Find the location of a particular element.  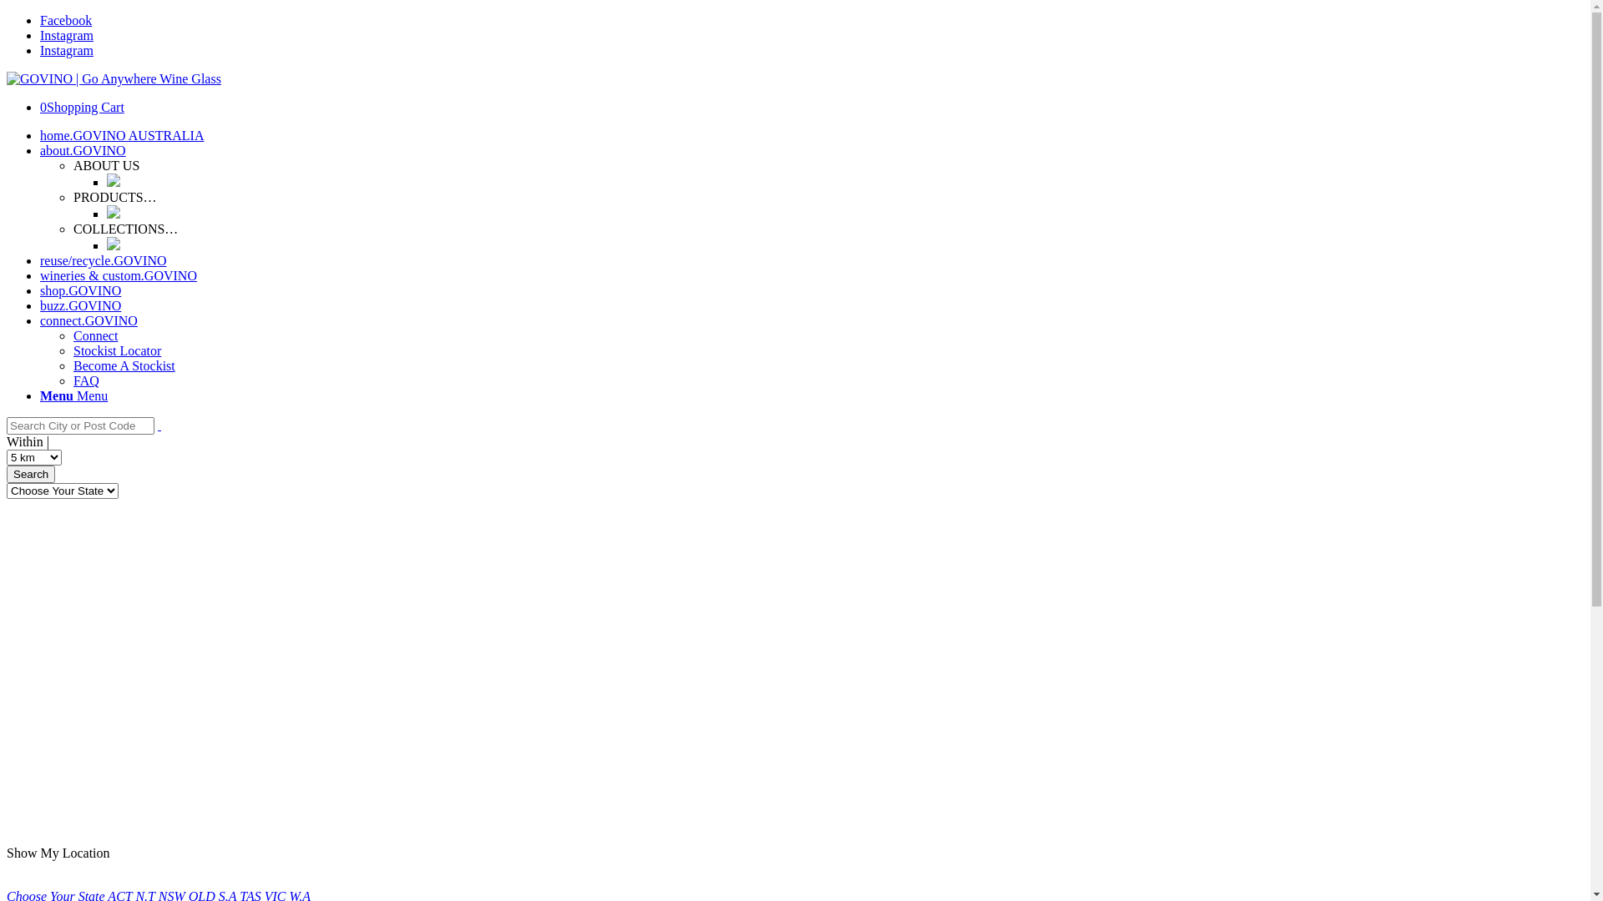

'Instagram' is located at coordinates (67, 35).